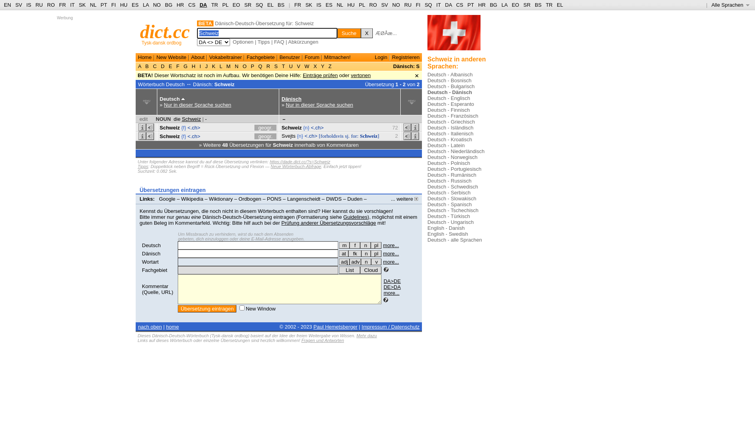 The width and height of the screenshot is (755, 425). I want to click on 'Alle Sprachen ', so click(730, 5).